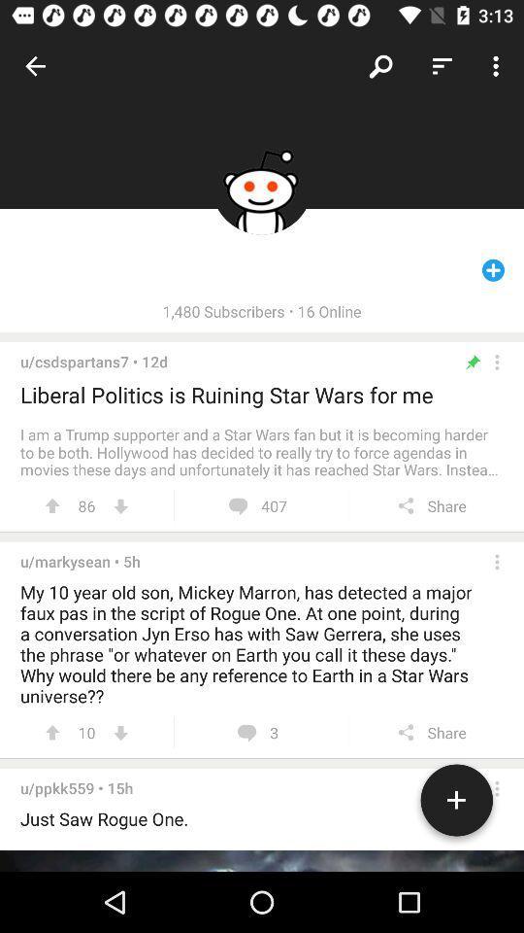  What do you see at coordinates (497, 361) in the screenshot?
I see `expand the post options` at bounding box center [497, 361].